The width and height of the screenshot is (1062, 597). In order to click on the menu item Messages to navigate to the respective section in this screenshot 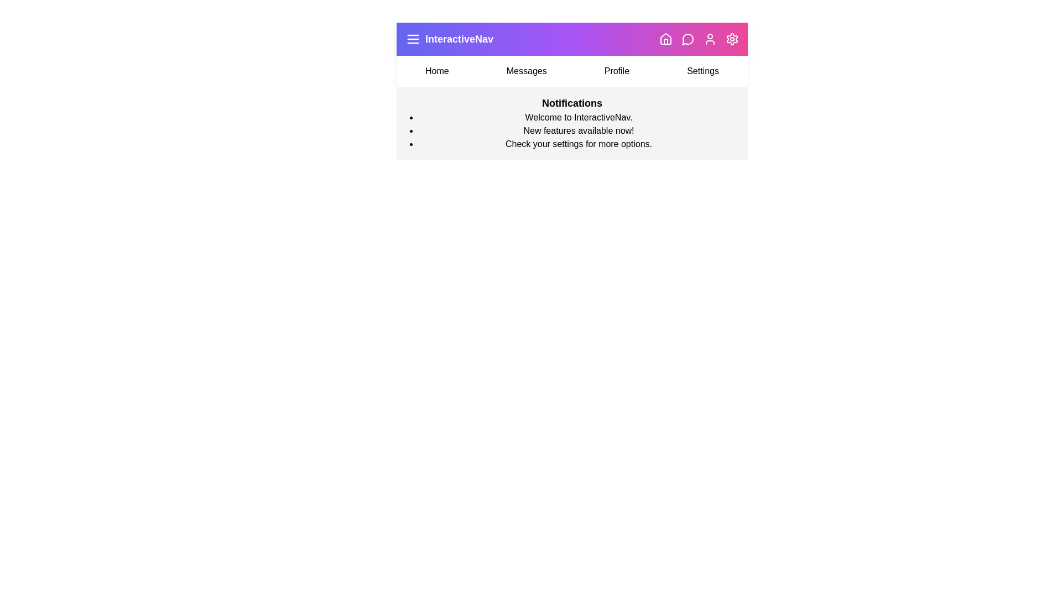, I will do `click(525, 71)`.